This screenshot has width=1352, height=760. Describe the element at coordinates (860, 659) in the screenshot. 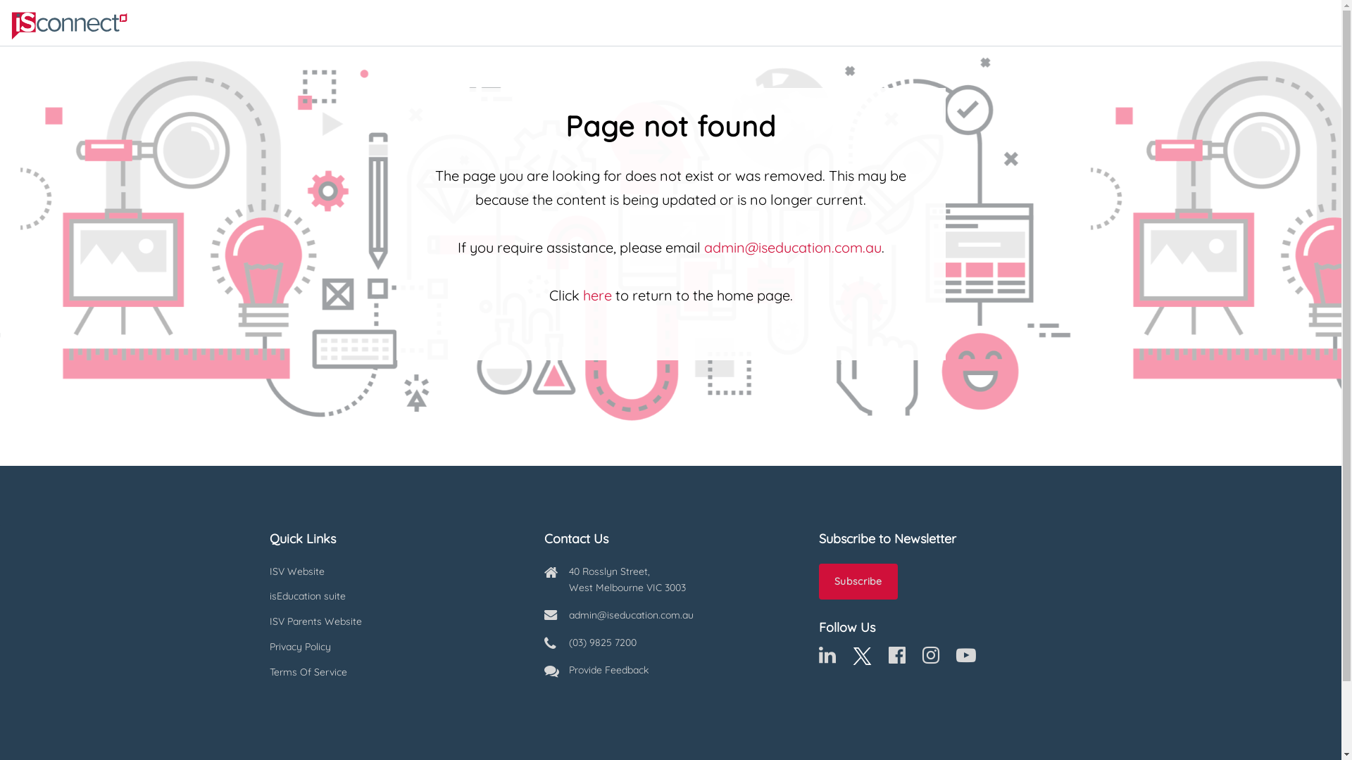

I see `'ISV Twitter'` at that location.